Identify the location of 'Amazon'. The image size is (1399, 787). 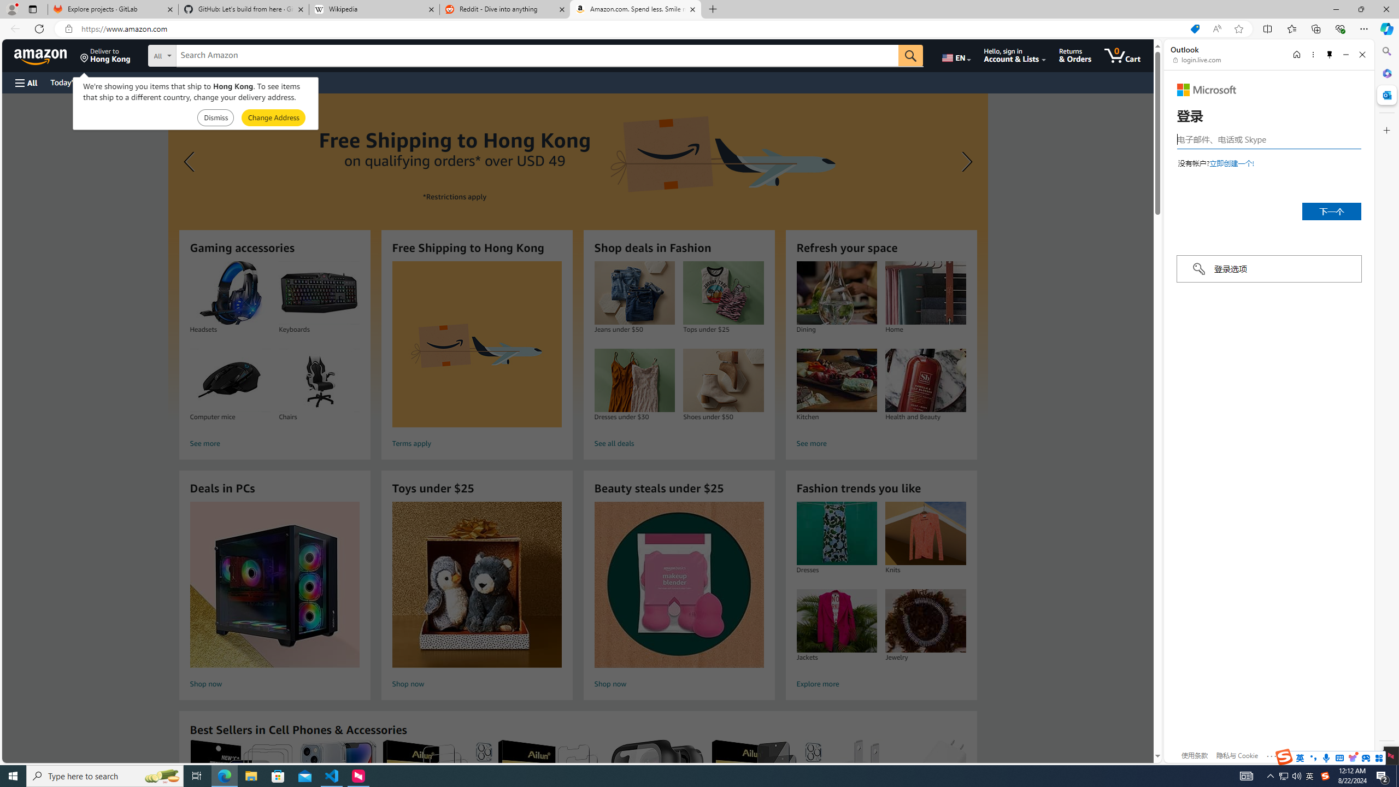
(42, 55).